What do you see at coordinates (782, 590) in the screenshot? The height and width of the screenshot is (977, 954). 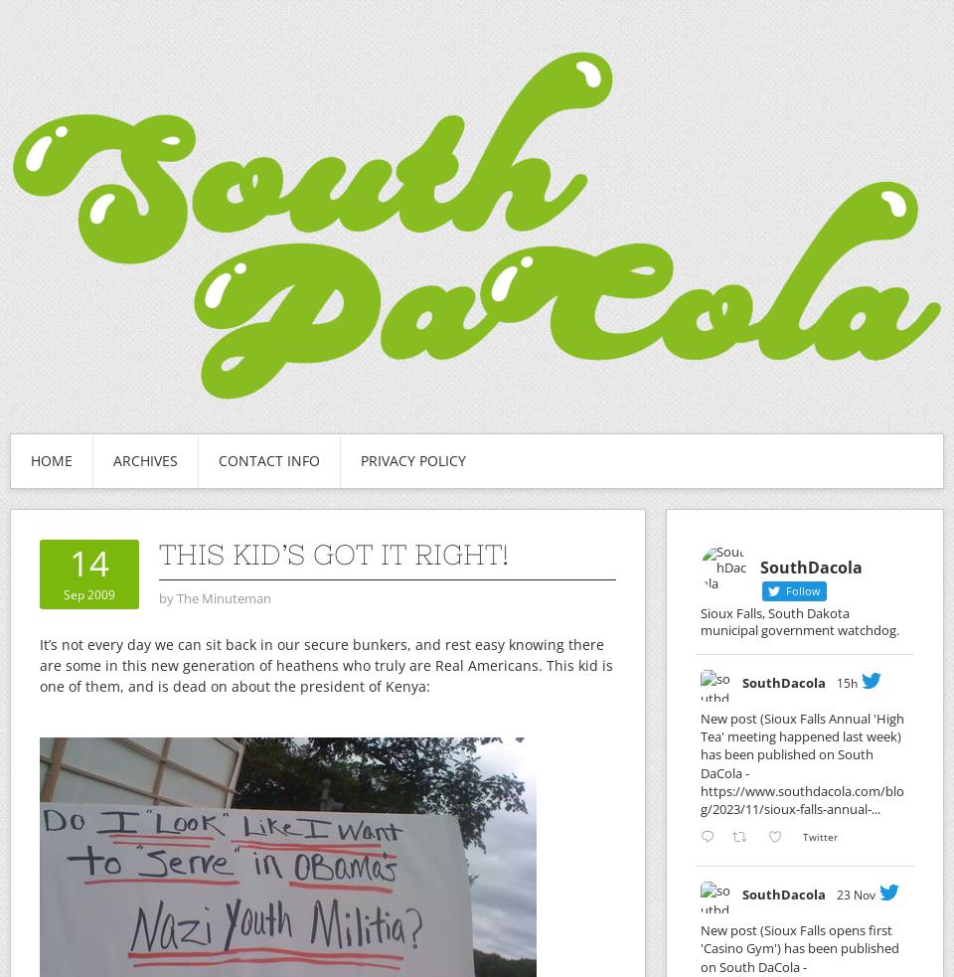 I see `'Follow'` at bounding box center [782, 590].